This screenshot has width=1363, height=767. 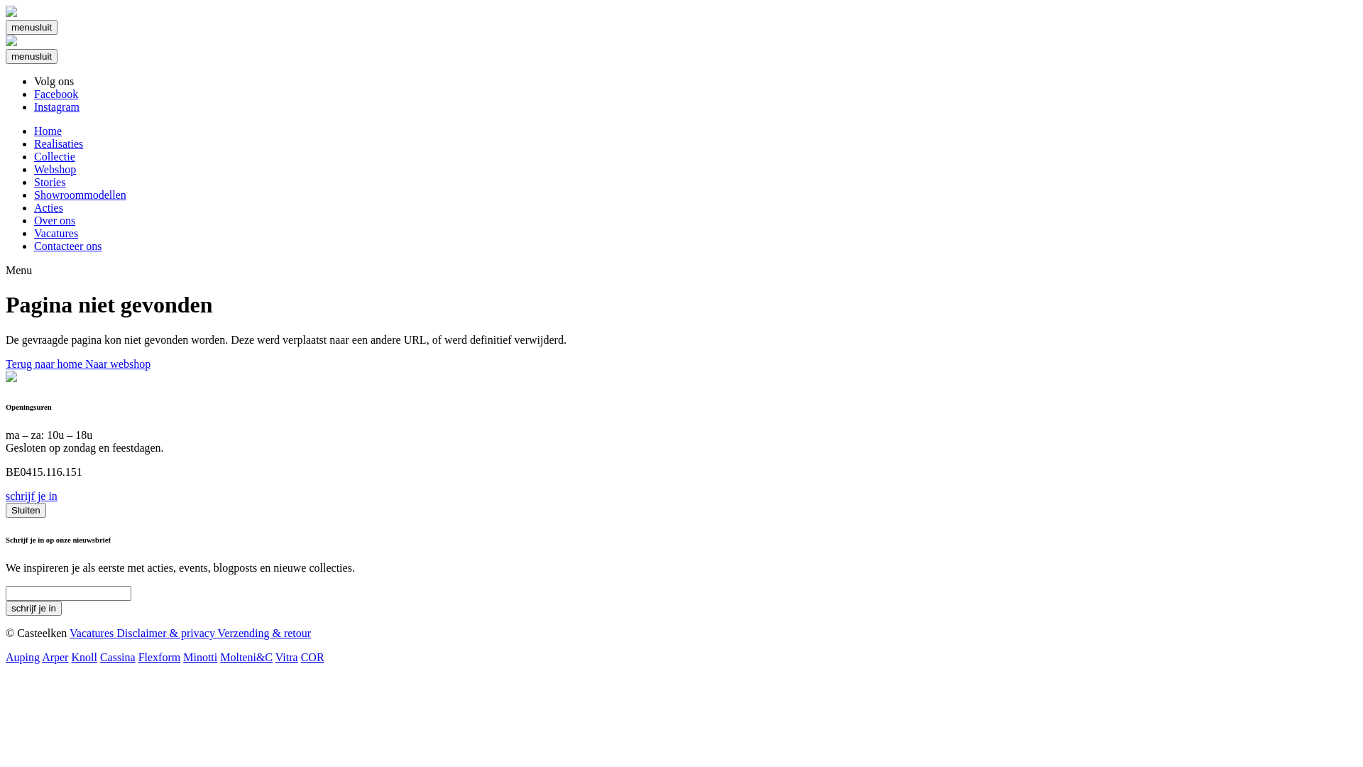 What do you see at coordinates (34, 207) in the screenshot?
I see `'Acties'` at bounding box center [34, 207].